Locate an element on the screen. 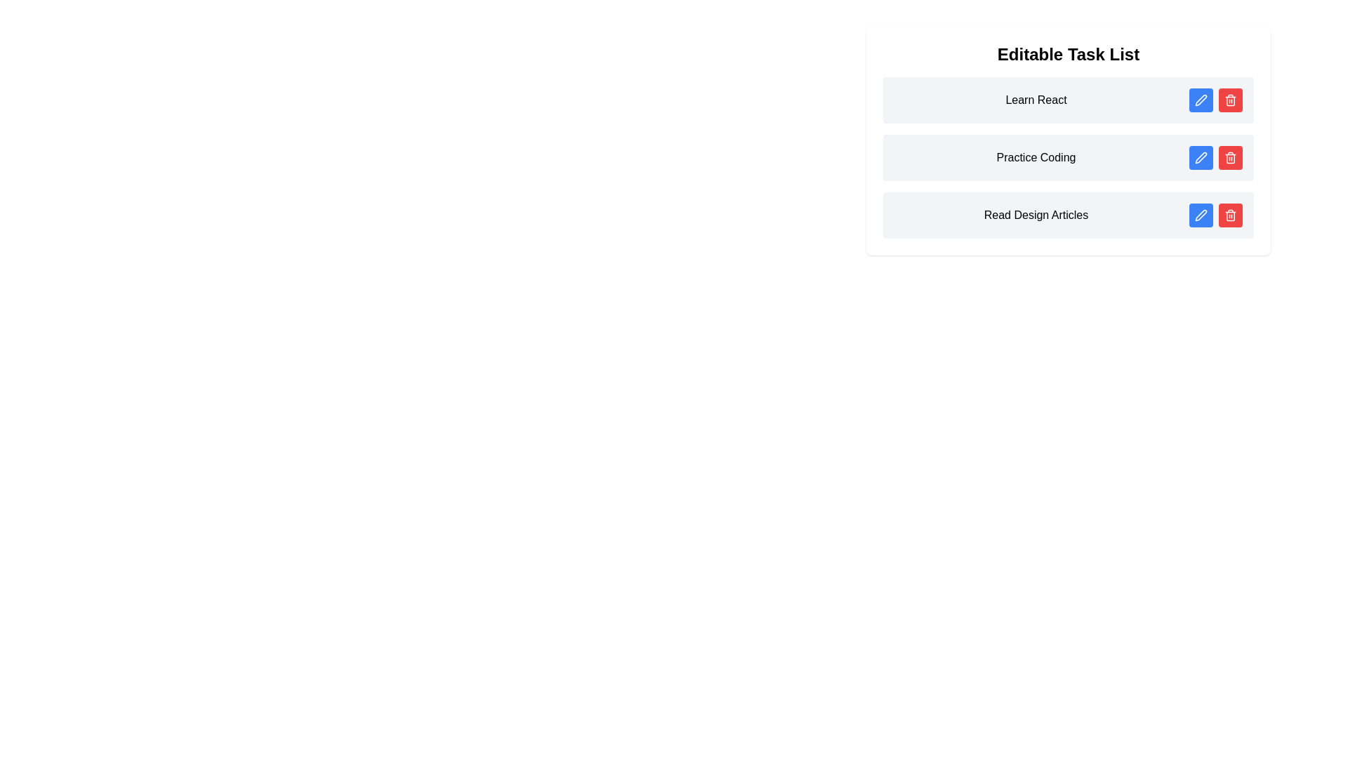 The height and width of the screenshot is (758, 1348). the delete button, which is the third button in the series of action buttons located to the right side of the third item in the task list is located at coordinates (1229, 215).